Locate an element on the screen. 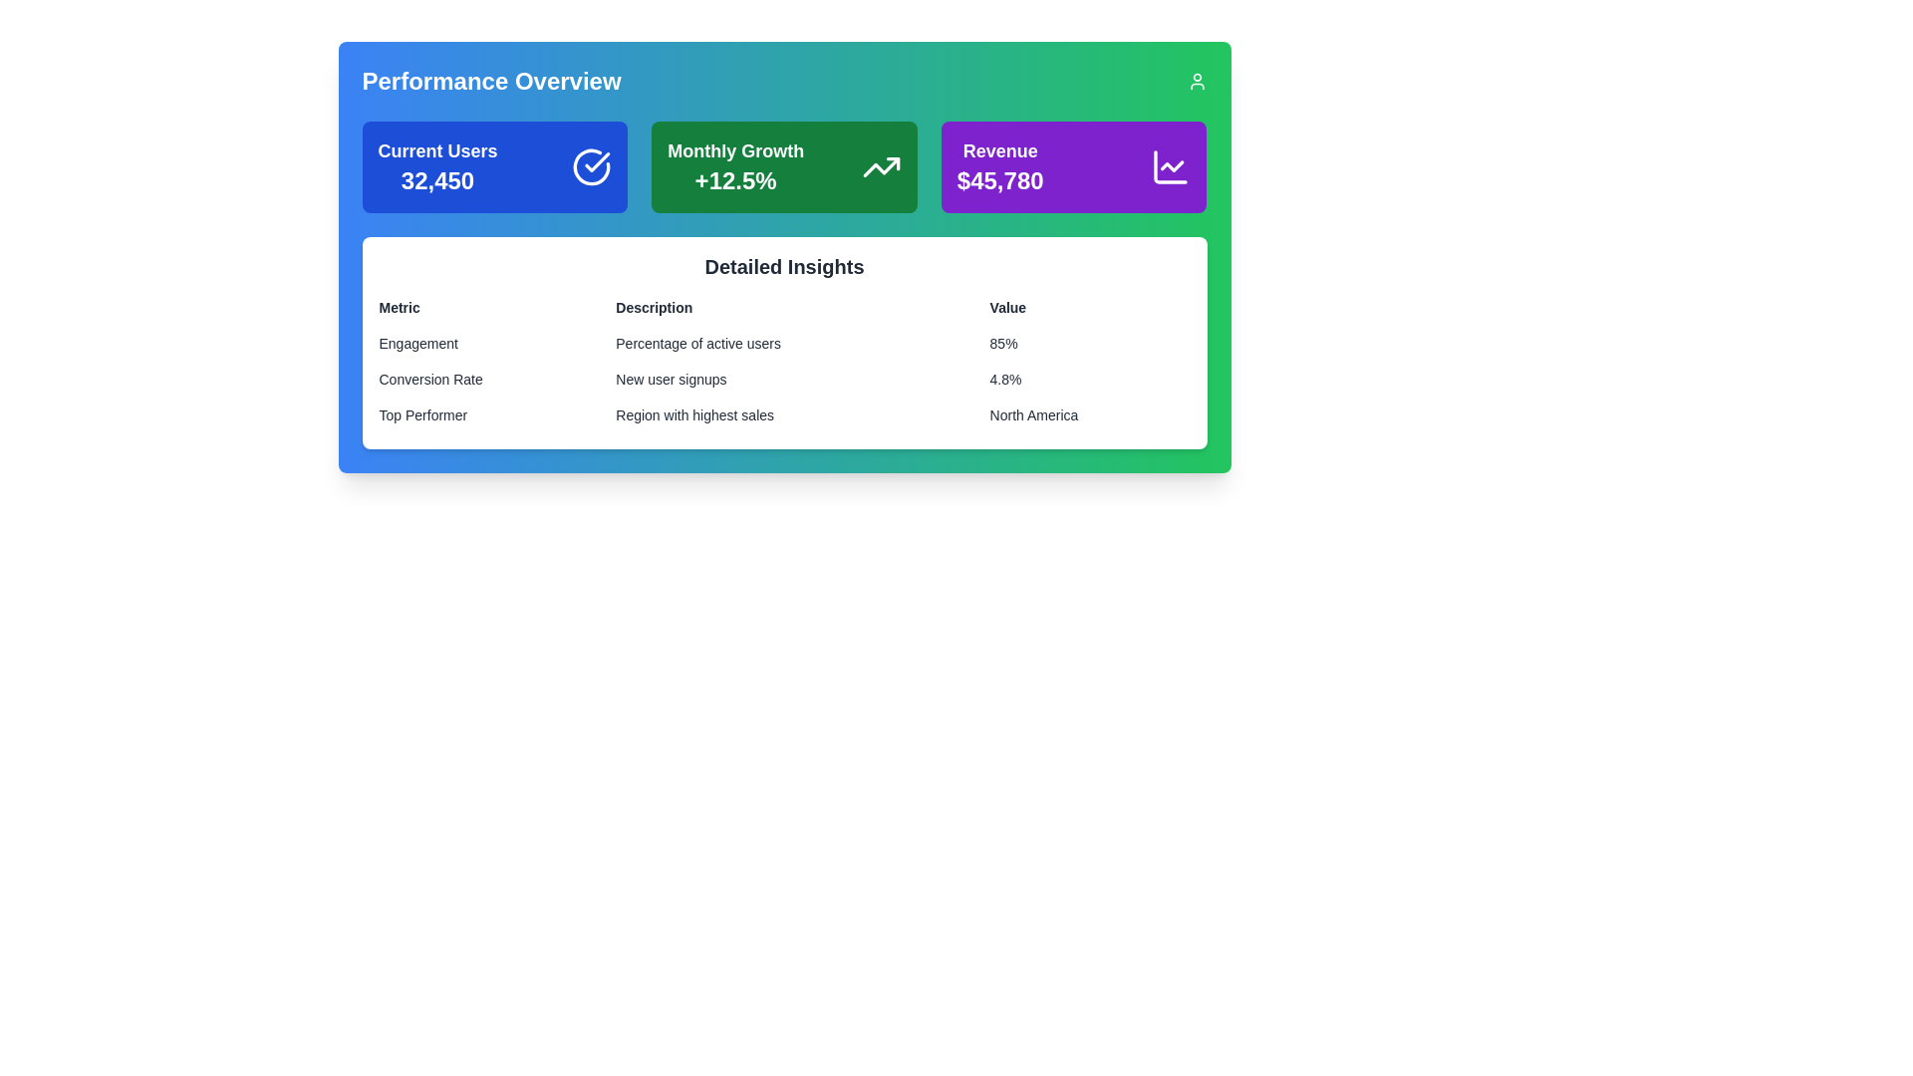 This screenshot has height=1076, width=1913. the text label displaying 'Description' for accessibility purposes is located at coordinates (801, 311).